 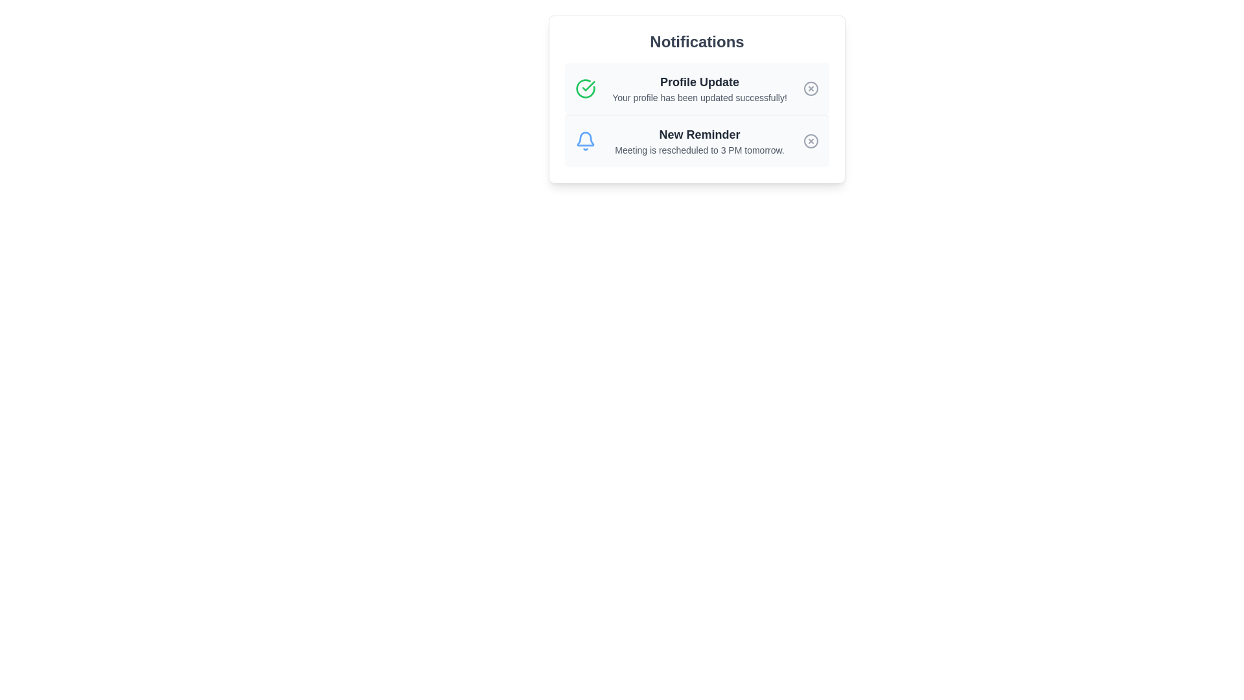 What do you see at coordinates (584, 88) in the screenshot?
I see `the success icon indicating a successful profile update, located to the left of the 'Profile Update' text within the notification card` at bounding box center [584, 88].